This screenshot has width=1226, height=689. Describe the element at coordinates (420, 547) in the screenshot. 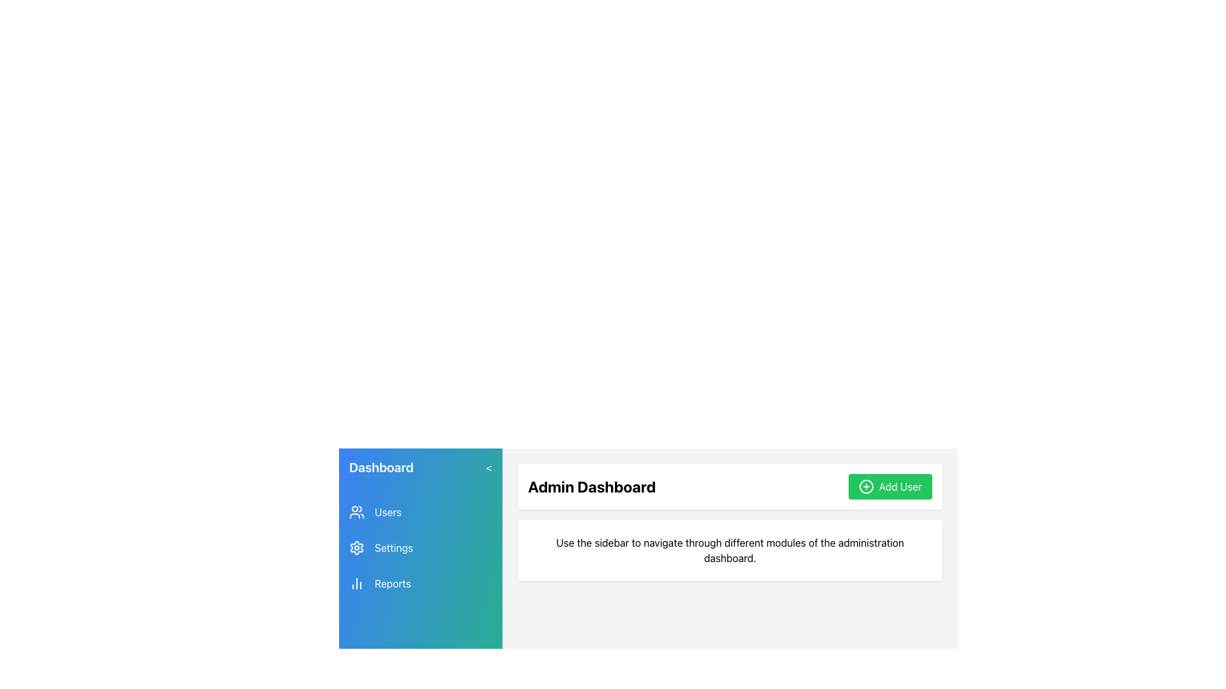

I see `the 'Settings' menu option within the vertically-stacked group of clickable menu options in the blue-to-green gradient sidebar` at that location.